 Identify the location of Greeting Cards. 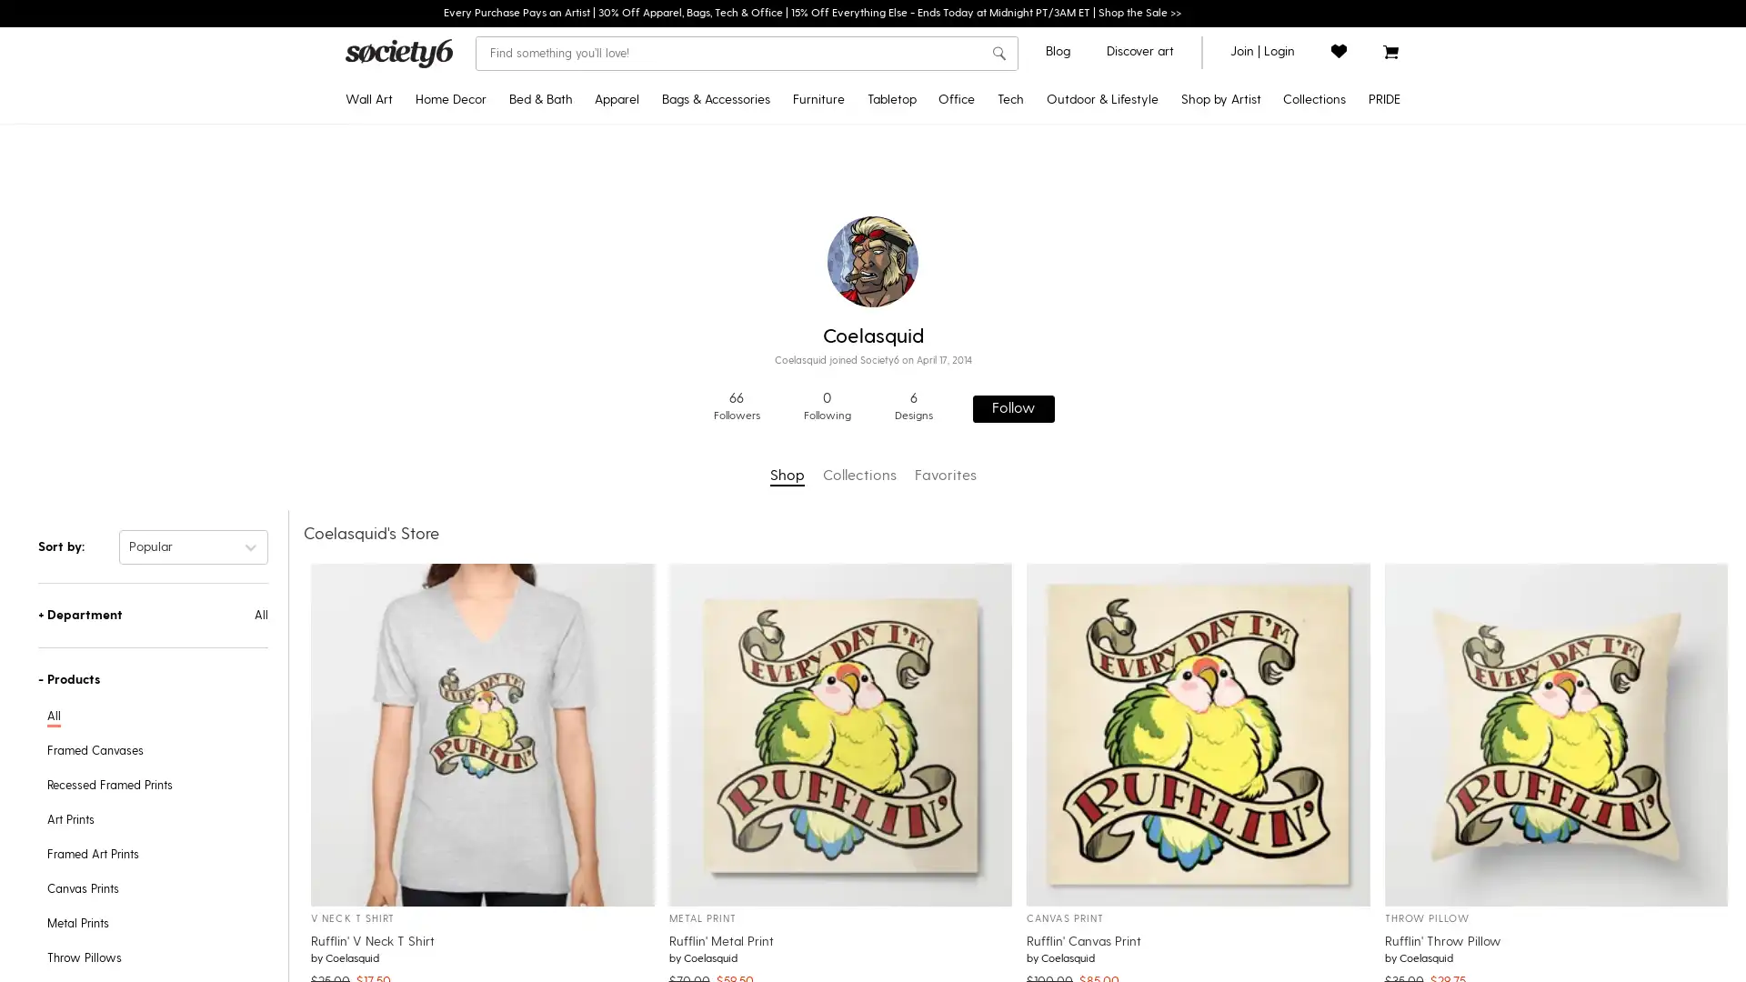
(1001, 410).